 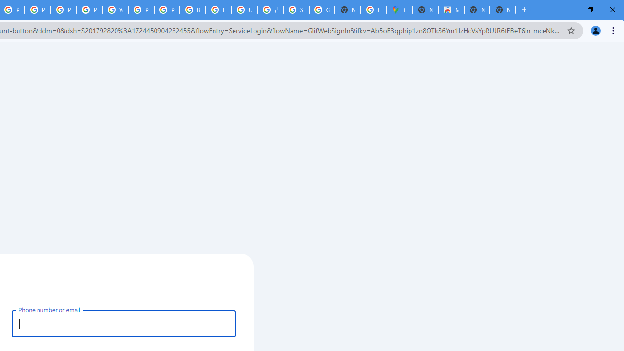 What do you see at coordinates (115, 10) in the screenshot?
I see `'YouTube'` at bounding box center [115, 10].